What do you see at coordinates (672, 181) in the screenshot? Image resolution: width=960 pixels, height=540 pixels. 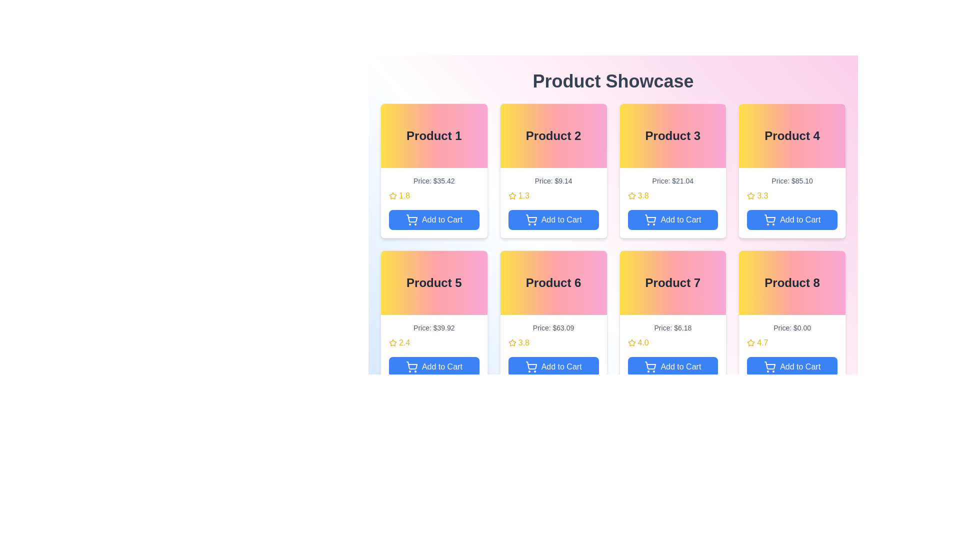 I see `the text label displaying the price '$21.04', which is located beneath the product title of 'Product 3' in the product card layout` at bounding box center [672, 181].